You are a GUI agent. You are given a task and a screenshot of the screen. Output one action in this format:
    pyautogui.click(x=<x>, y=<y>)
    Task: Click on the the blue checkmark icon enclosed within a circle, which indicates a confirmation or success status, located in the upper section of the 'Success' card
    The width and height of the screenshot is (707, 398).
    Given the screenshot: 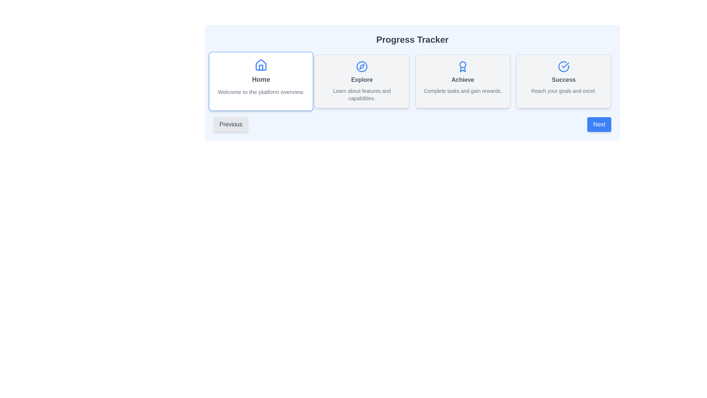 What is the action you would take?
    pyautogui.click(x=563, y=67)
    